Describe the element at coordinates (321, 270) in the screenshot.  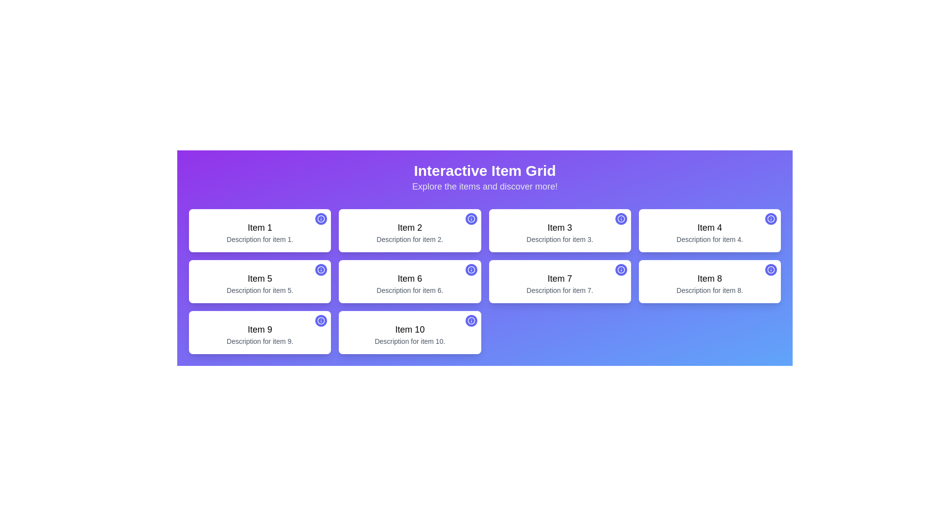
I see `the information icon located at the top-right corner of the 'Item 5' tile in the second row of the grid` at that location.